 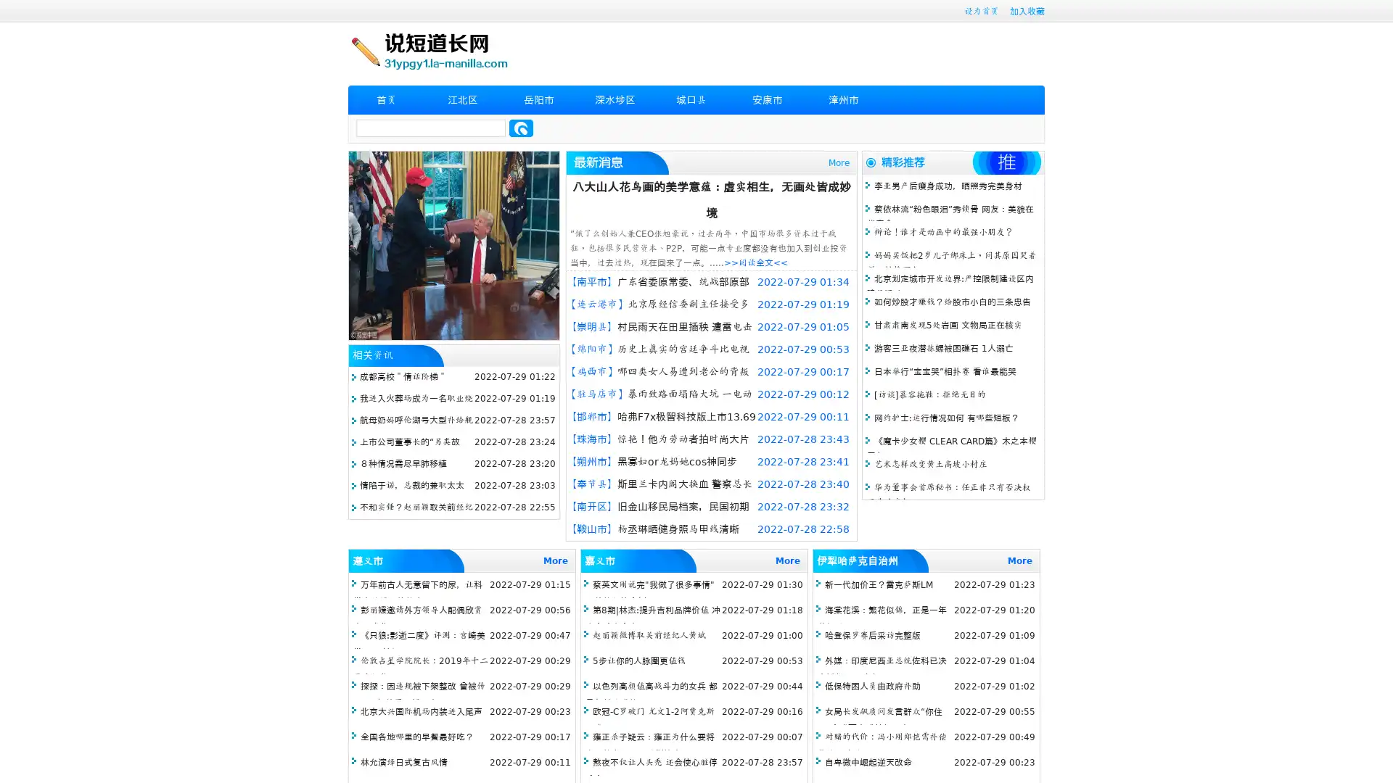 What do you see at coordinates (521, 128) in the screenshot?
I see `Search` at bounding box center [521, 128].